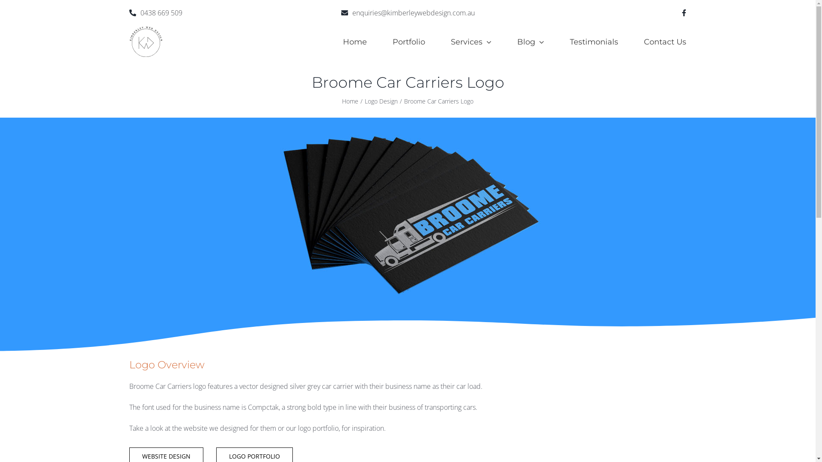 The width and height of the screenshot is (822, 462). I want to click on 'Broome-car-carriers-logo-website', so click(407, 217).